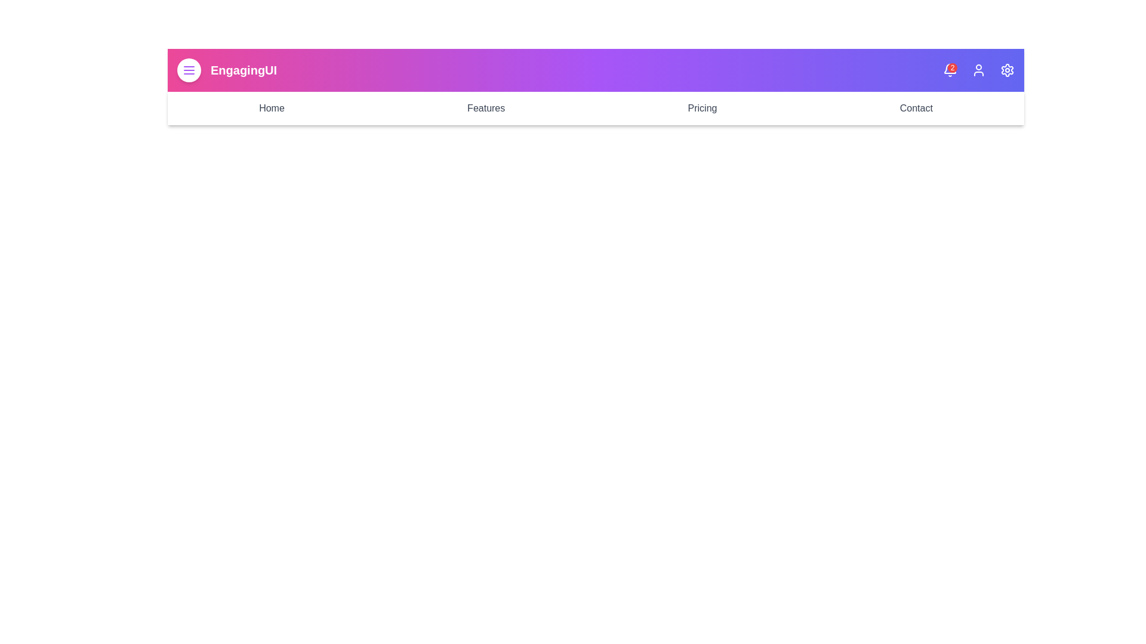  What do you see at coordinates (950, 70) in the screenshot?
I see `the notification icon located on the app bar` at bounding box center [950, 70].